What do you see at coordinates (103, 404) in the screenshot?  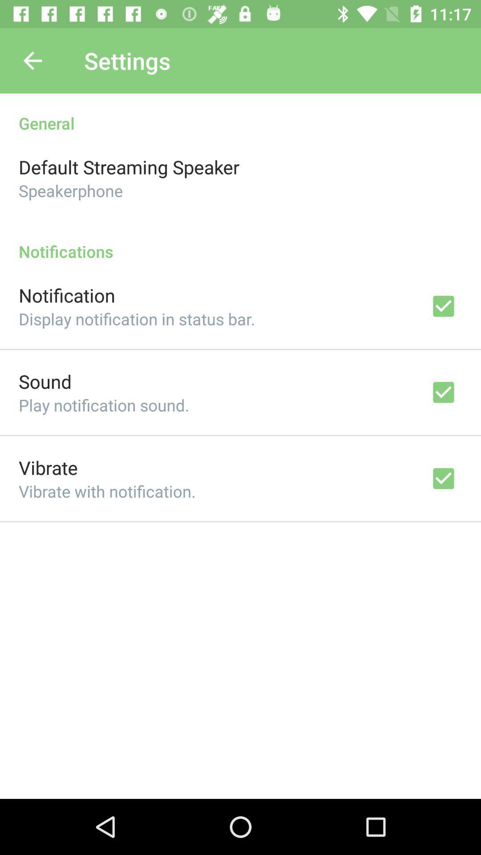 I see `the icon below sound` at bounding box center [103, 404].